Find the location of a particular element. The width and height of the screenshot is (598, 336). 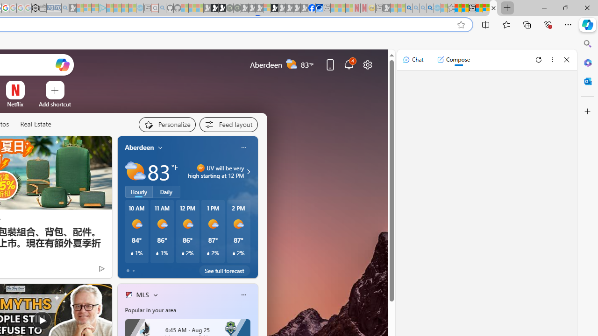

'Bing Real Estate - Home sales and rental listings - Sleeping' is located at coordinates (64, 8).